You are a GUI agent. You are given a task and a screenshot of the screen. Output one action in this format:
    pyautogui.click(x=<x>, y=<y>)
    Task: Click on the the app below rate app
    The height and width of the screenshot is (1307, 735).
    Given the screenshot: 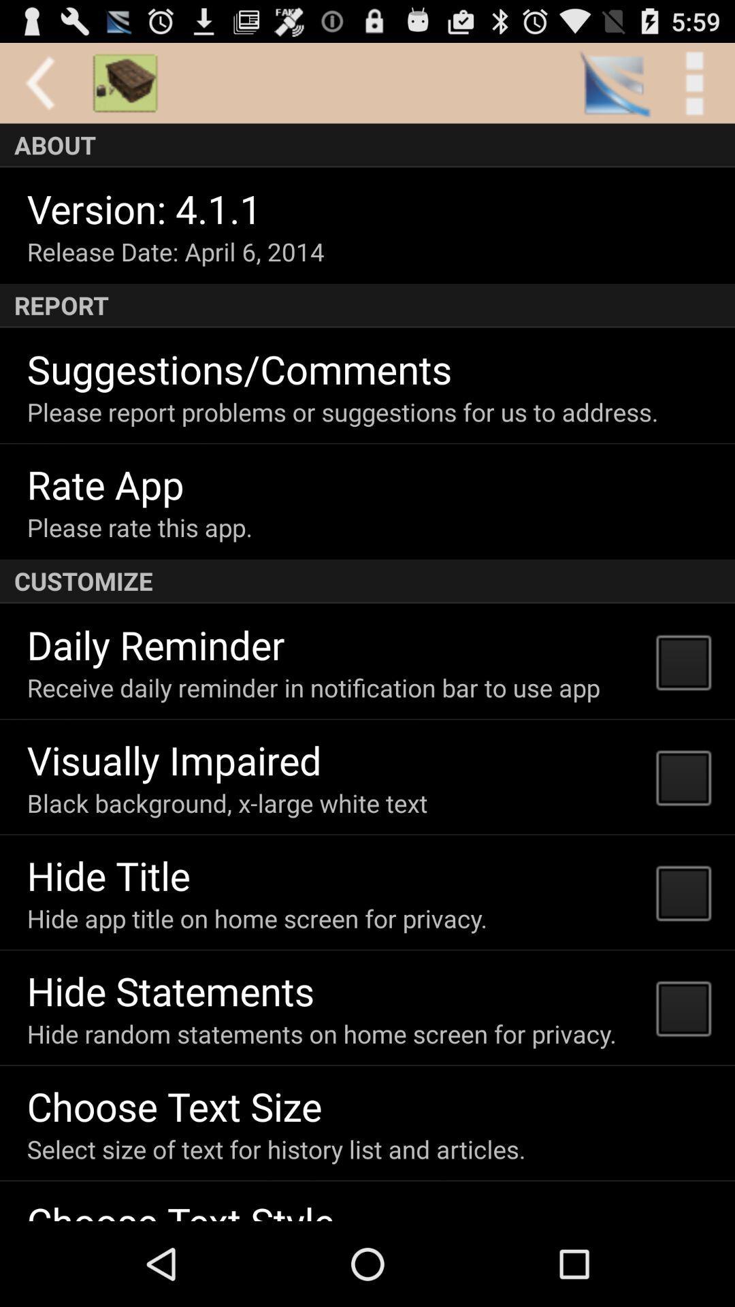 What is the action you would take?
    pyautogui.click(x=140, y=526)
    